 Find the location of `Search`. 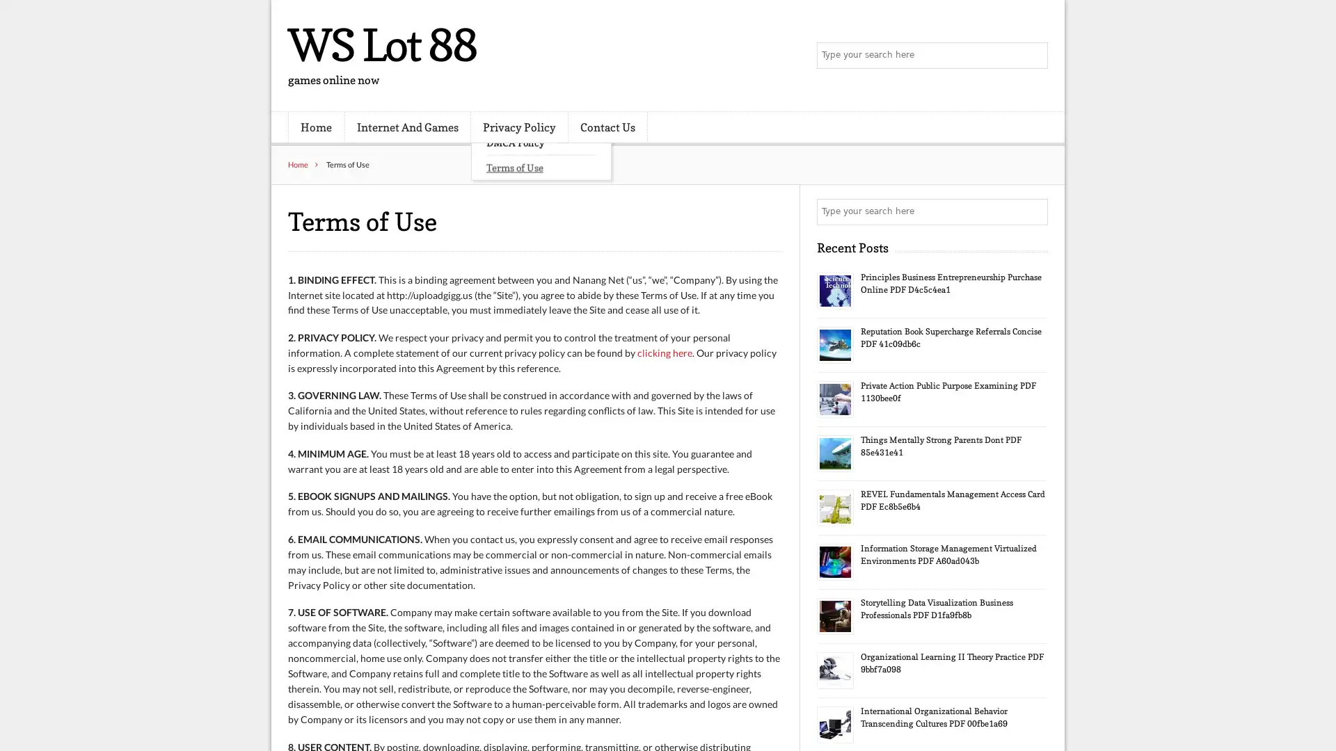

Search is located at coordinates (1033, 56).